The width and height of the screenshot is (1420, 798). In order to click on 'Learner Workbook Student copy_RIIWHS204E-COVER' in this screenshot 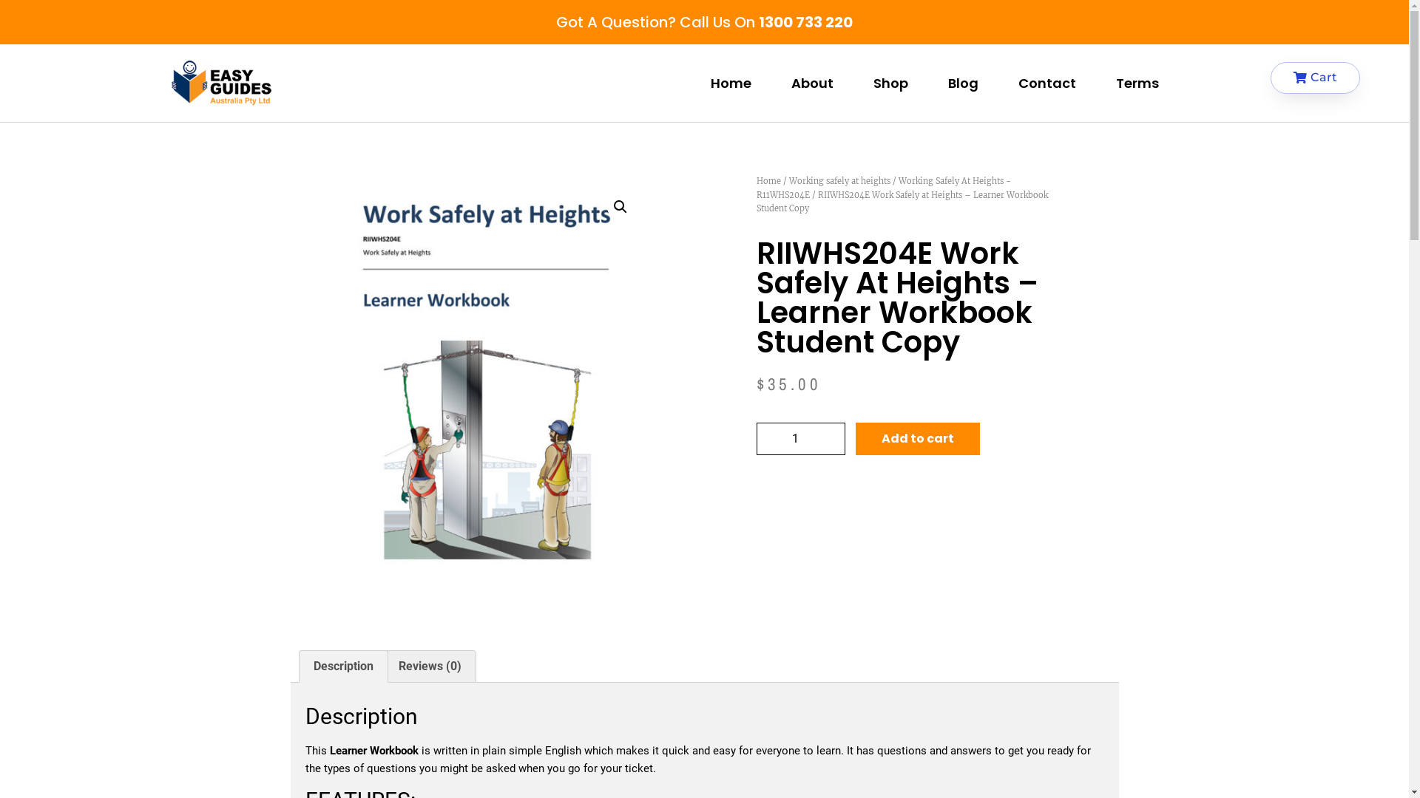, I will do `click(493, 392)`.